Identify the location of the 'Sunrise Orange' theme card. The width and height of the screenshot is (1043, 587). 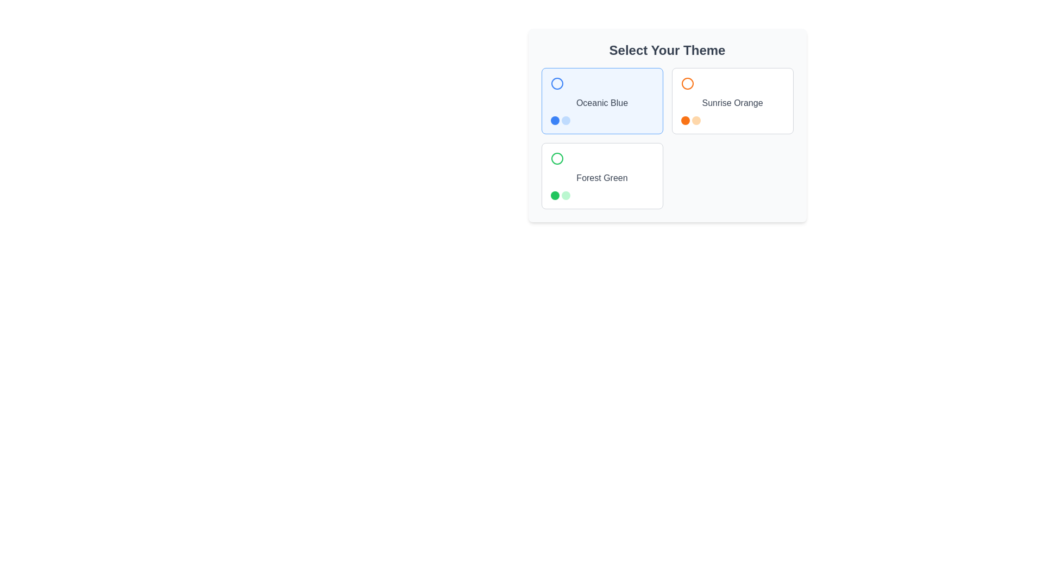
(732, 101).